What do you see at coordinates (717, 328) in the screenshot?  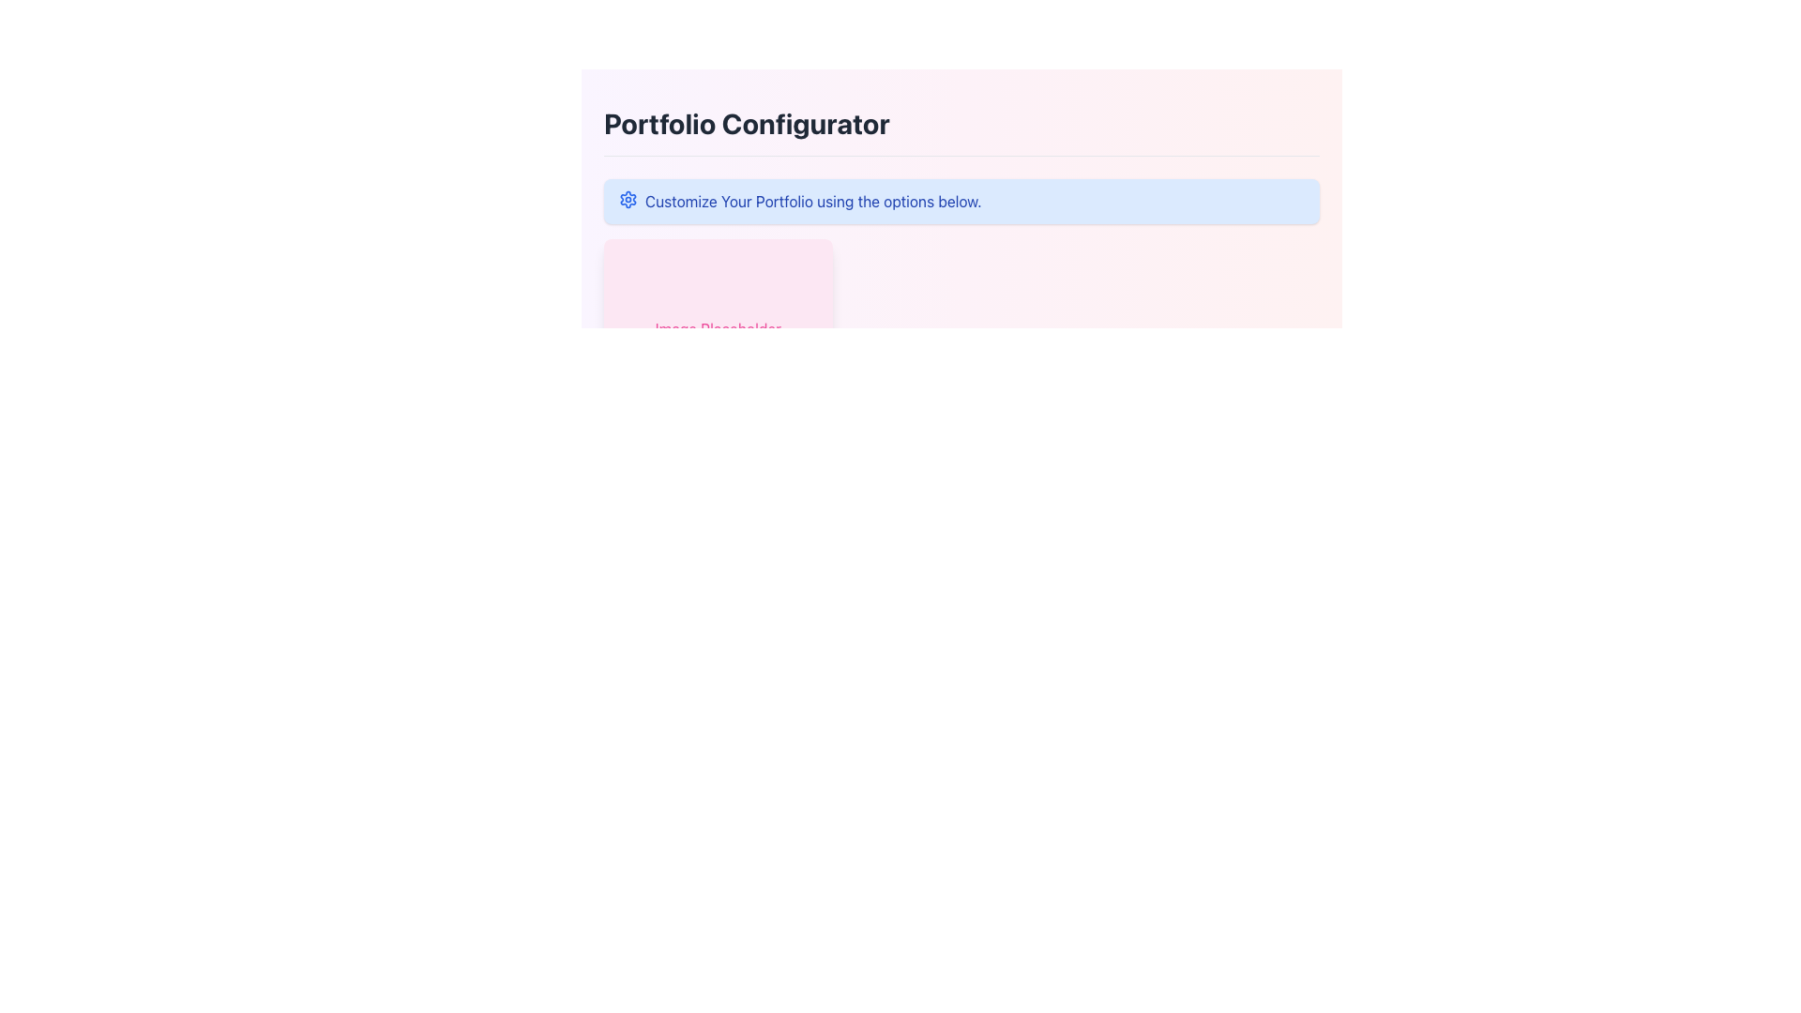 I see `the static UI placeholder with a light pink background and the text 'Image Placeholder' centered in pink font` at bounding box center [717, 328].